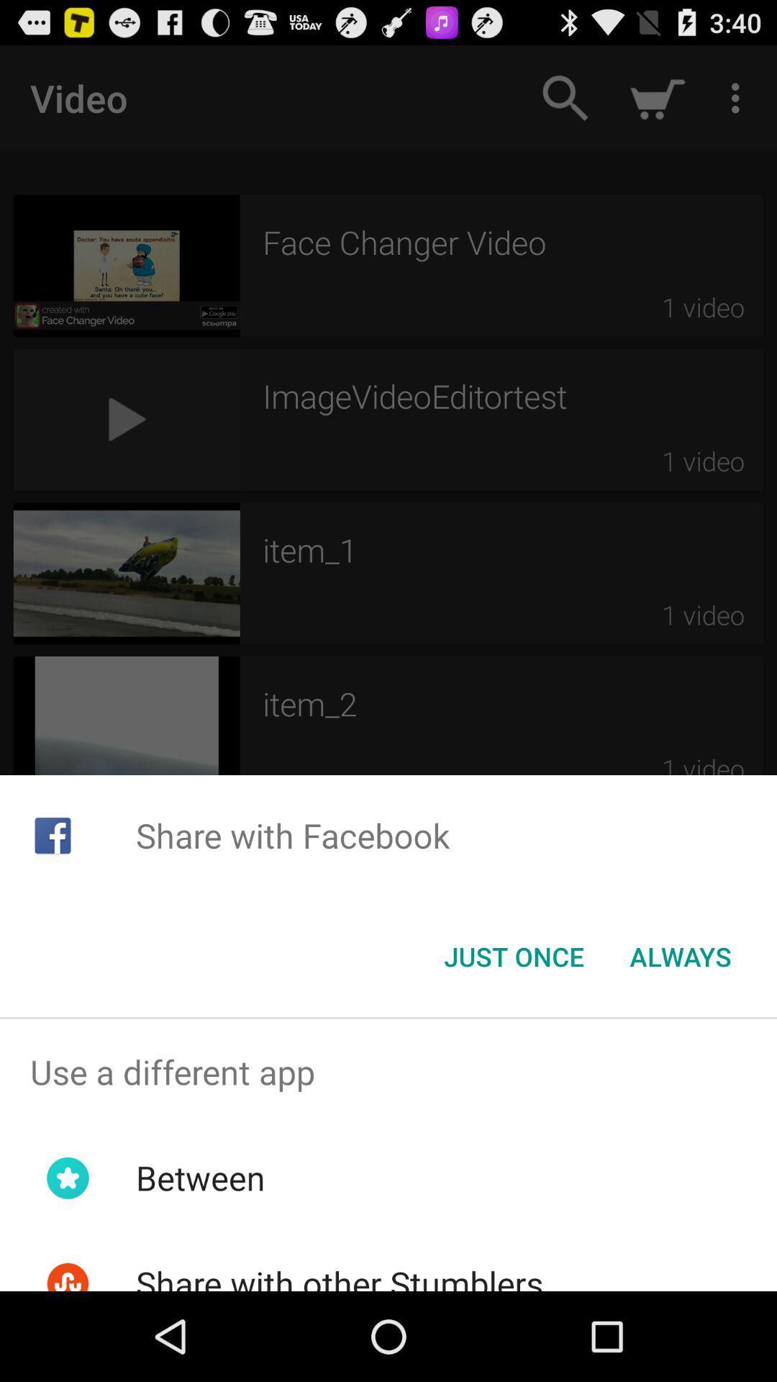 Image resolution: width=777 pixels, height=1382 pixels. Describe the element at coordinates (680, 957) in the screenshot. I see `the item next to the just once` at that location.